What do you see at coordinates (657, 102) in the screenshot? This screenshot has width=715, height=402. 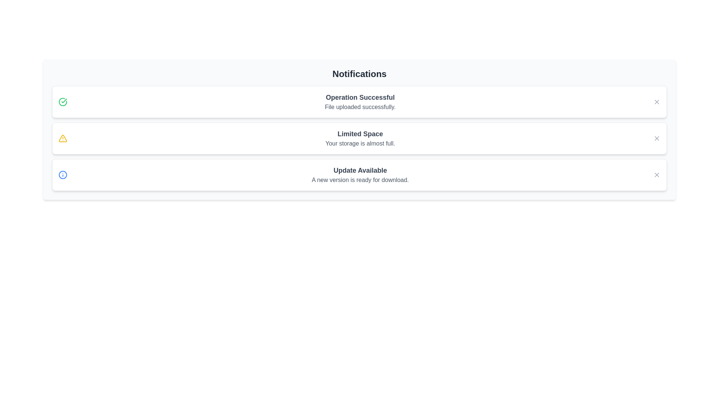 I see `the close button of the notification with title Operation Successful` at bounding box center [657, 102].